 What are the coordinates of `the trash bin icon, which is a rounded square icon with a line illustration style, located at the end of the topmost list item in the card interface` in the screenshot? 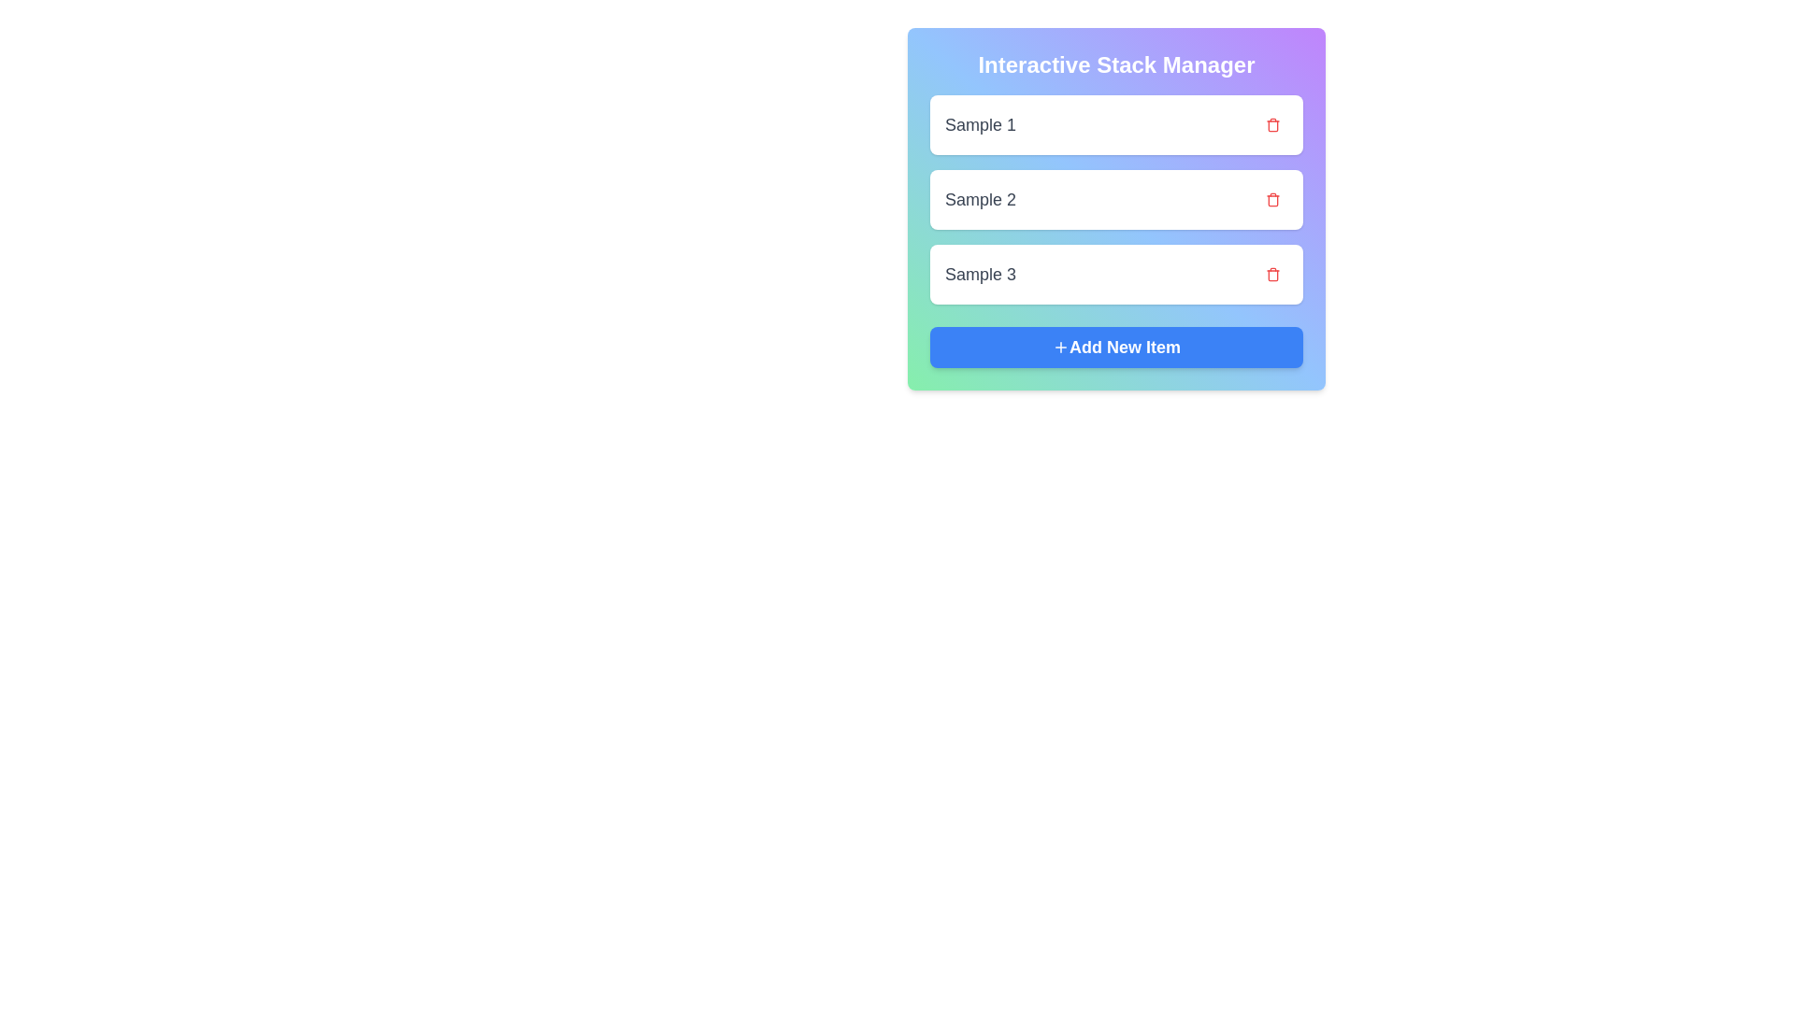 It's located at (1272, 126).